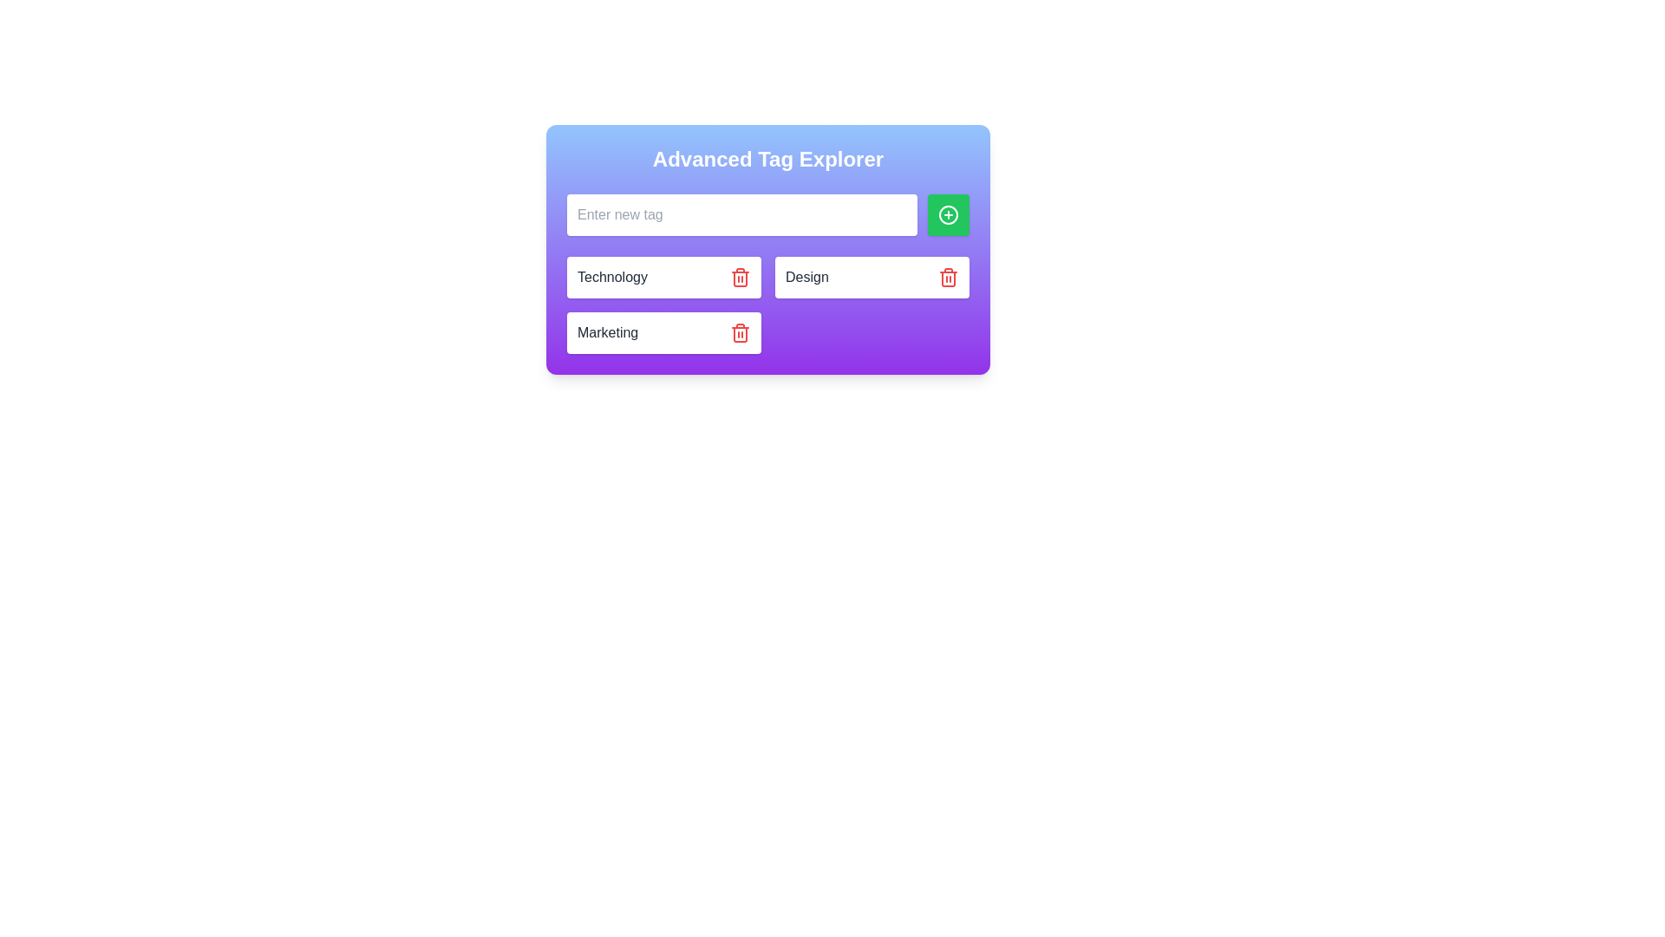 This screenshot has width=1665, height=937. What do you see at coordinates (948, 277) in the screenshot?
I see `keyboard navigation` at bounding box center [948, 277].